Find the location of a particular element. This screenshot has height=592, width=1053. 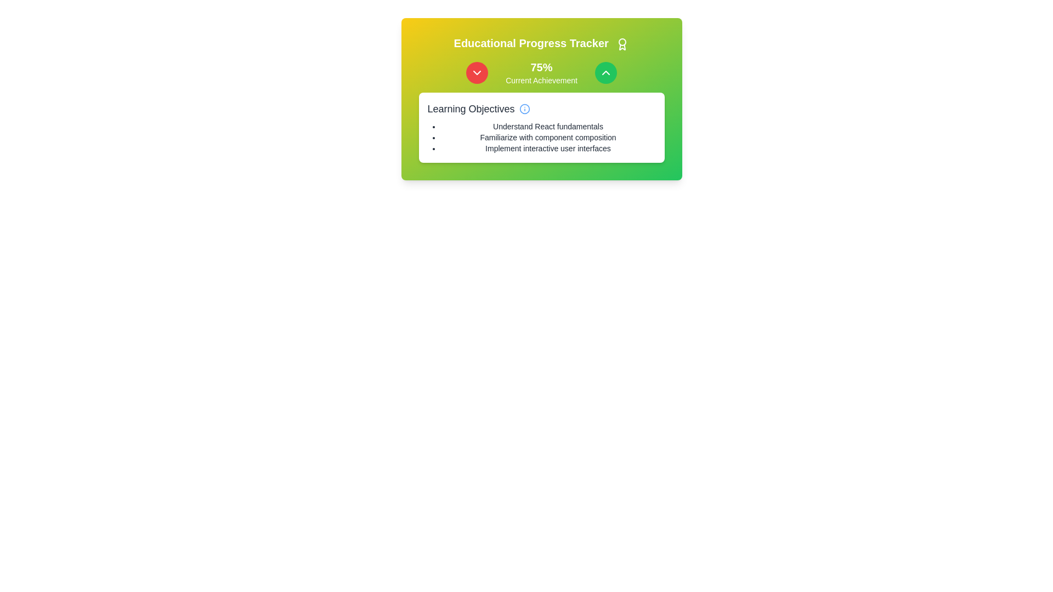

the third Text label in the vertical bulleted list within the 'Learning Objectives' section that provides information about the educational goals is located at coordinates (548, 148).